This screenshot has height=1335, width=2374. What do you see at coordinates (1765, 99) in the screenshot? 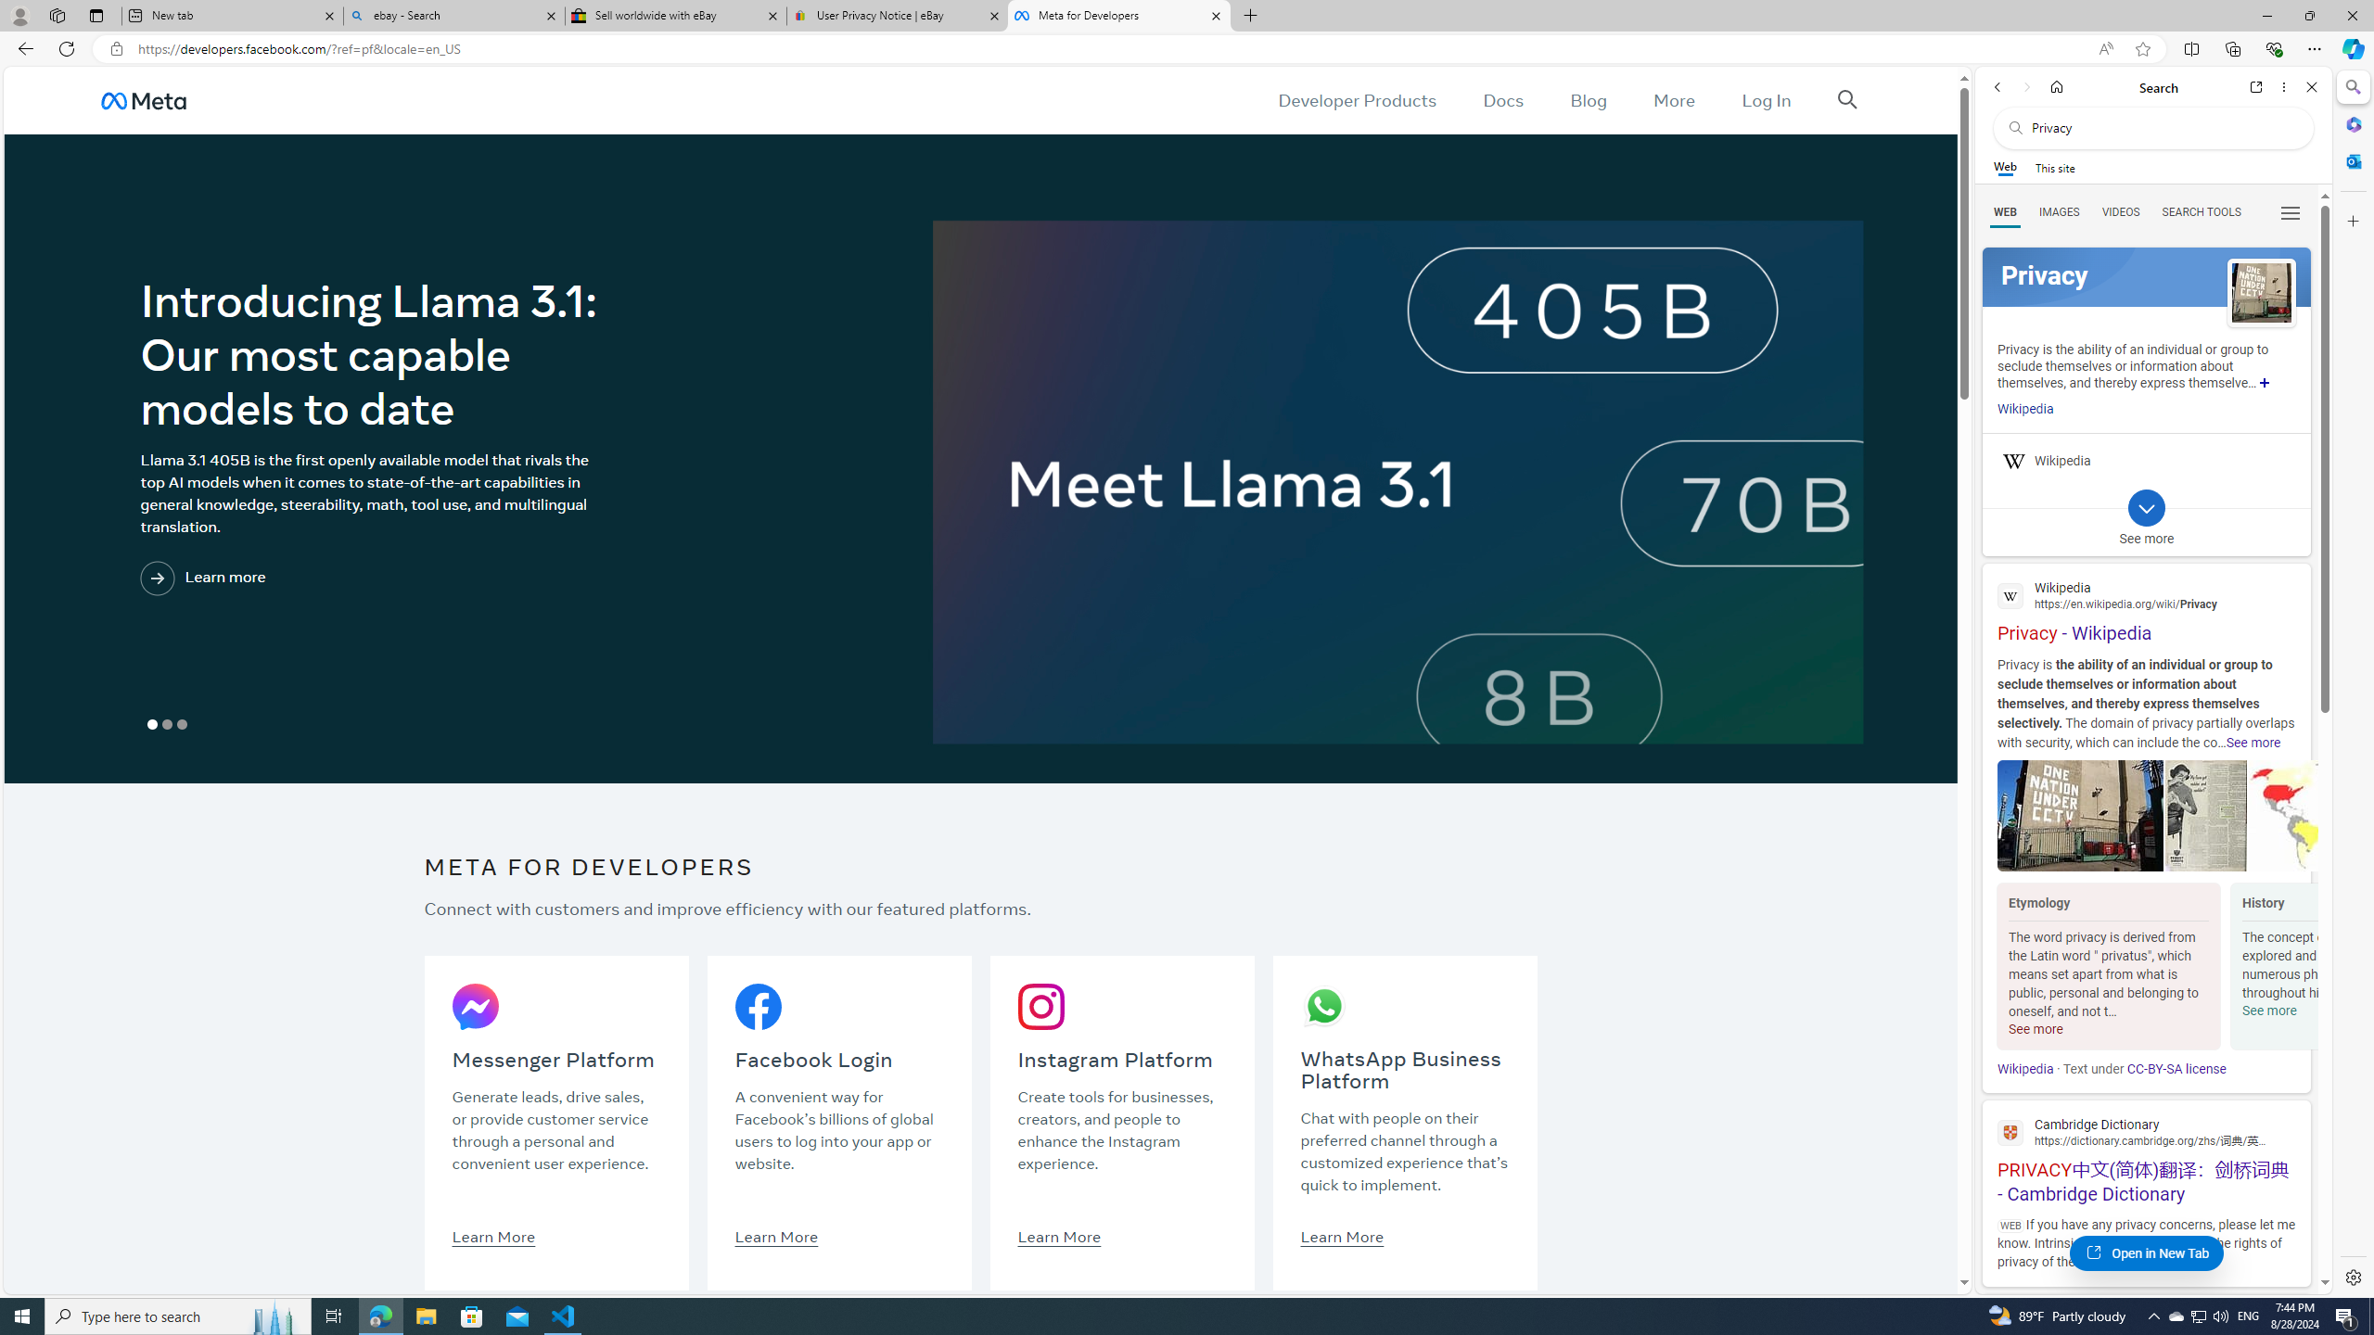
I see `'Log In'` at bounding box center [1765, 99].